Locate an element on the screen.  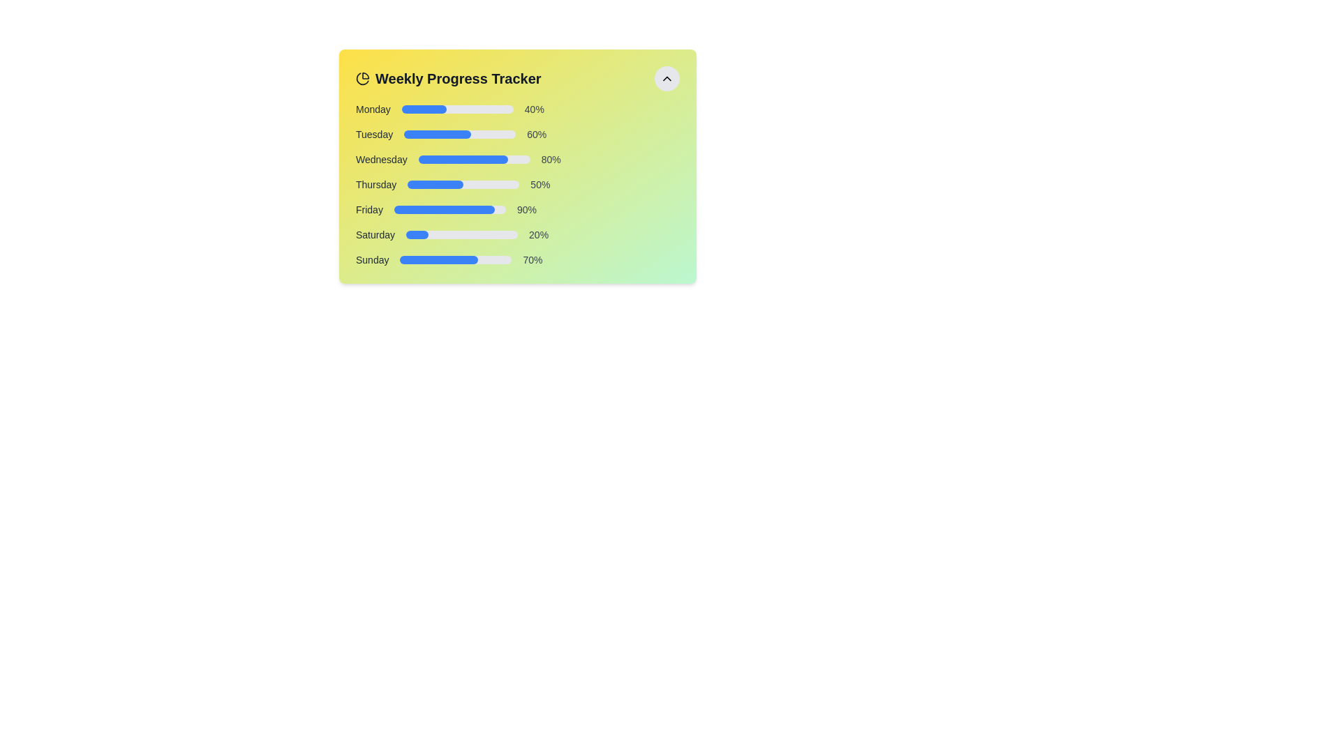
the completion status of the progress bar segment representing 'Monday' in the weekly progress tracker is located at coordinates (423, 109).